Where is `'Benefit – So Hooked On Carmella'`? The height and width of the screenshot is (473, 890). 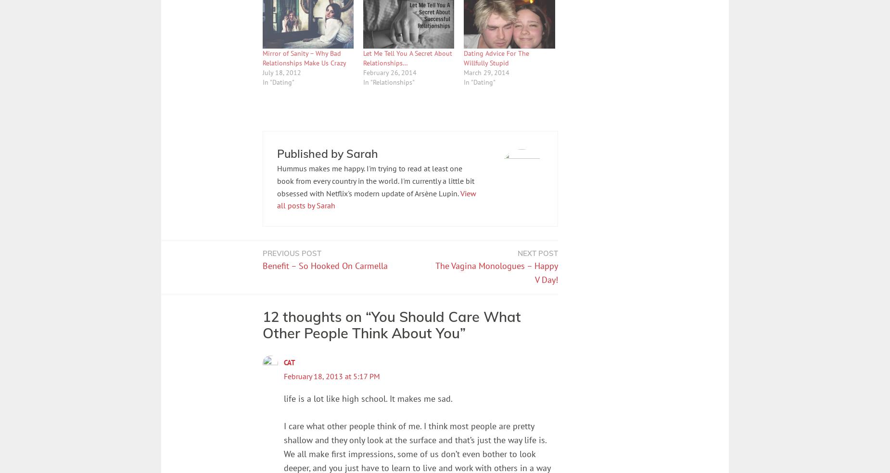 'Benefit – So Hooked On Carmella' is located at coordinates (325, 265).